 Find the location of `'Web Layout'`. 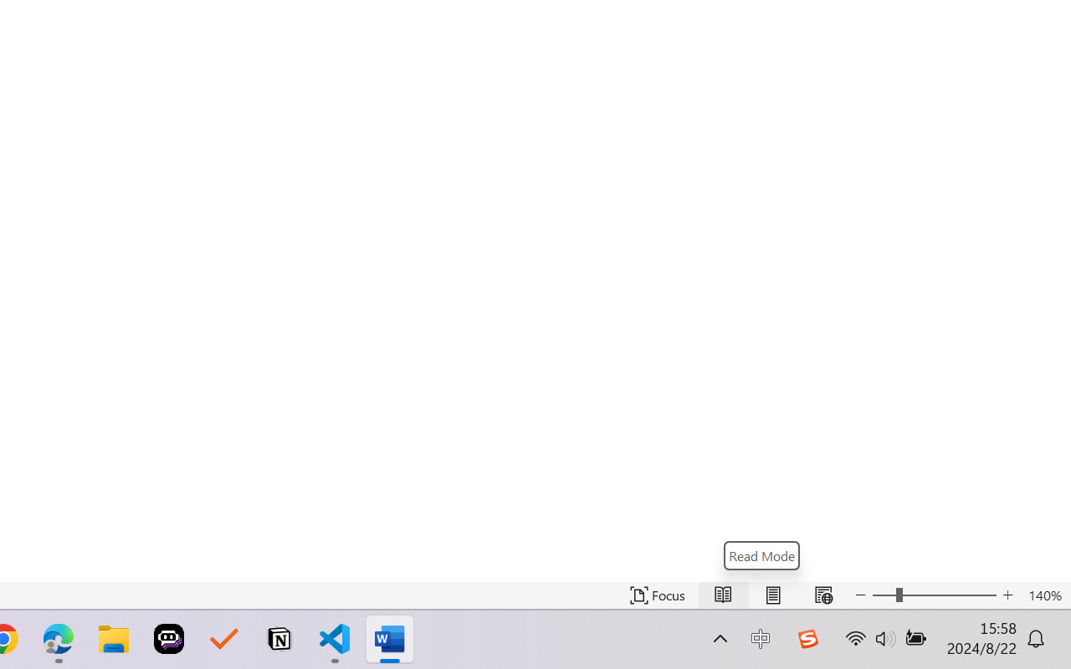

'Web Layout' is located at coordinates (823, 595).